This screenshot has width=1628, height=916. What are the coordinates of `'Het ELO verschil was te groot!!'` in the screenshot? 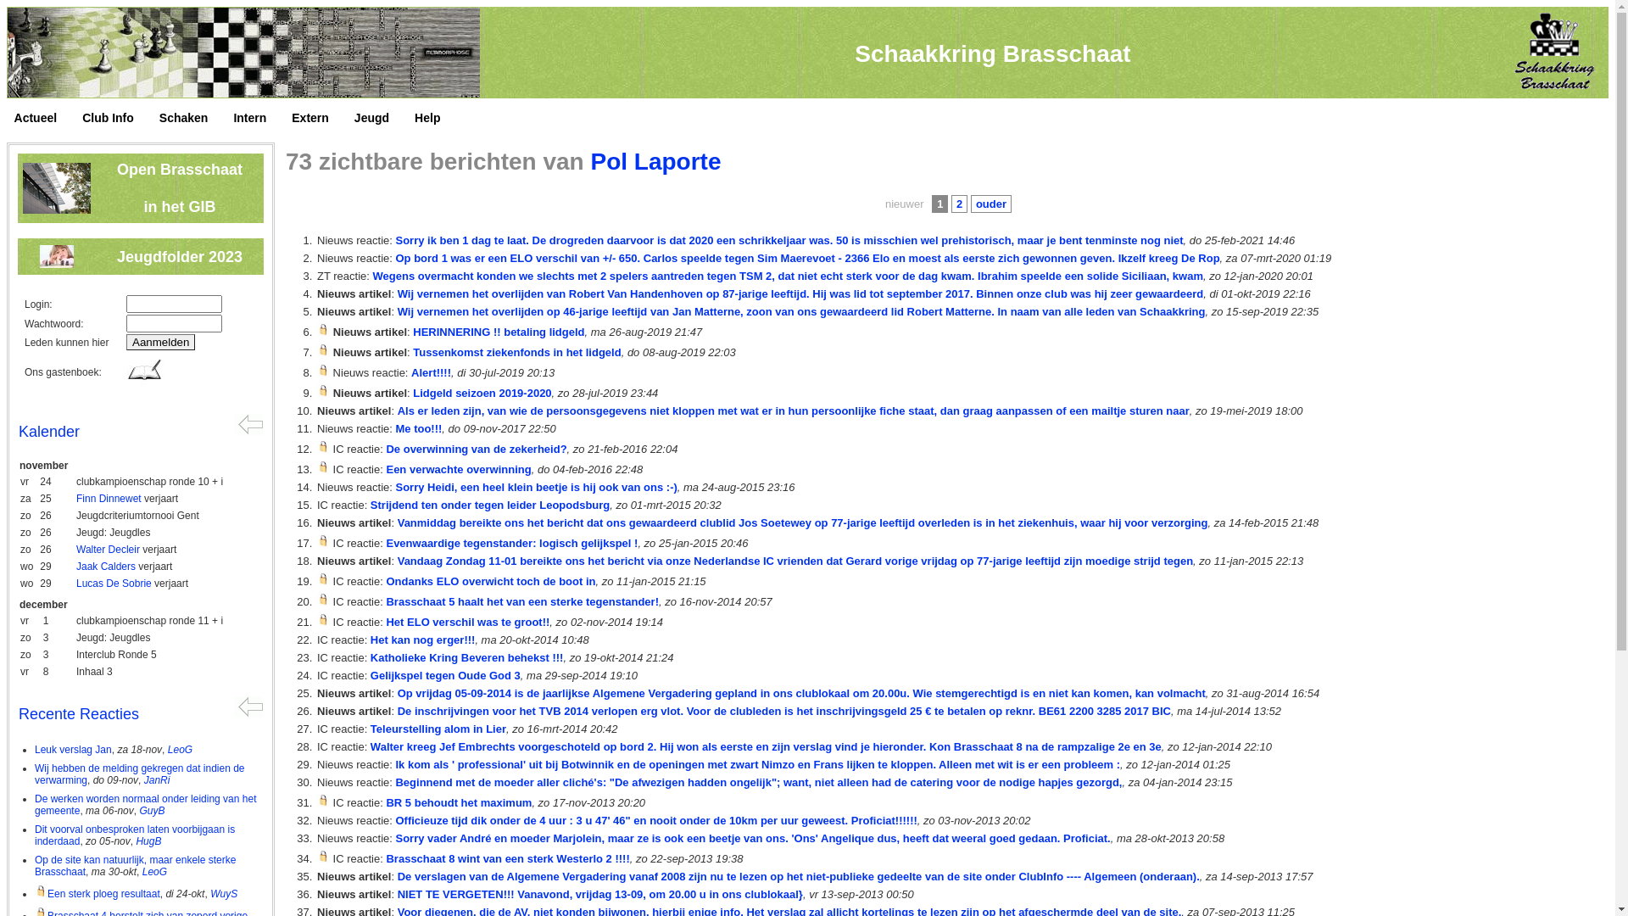 It's located at (385, 622).